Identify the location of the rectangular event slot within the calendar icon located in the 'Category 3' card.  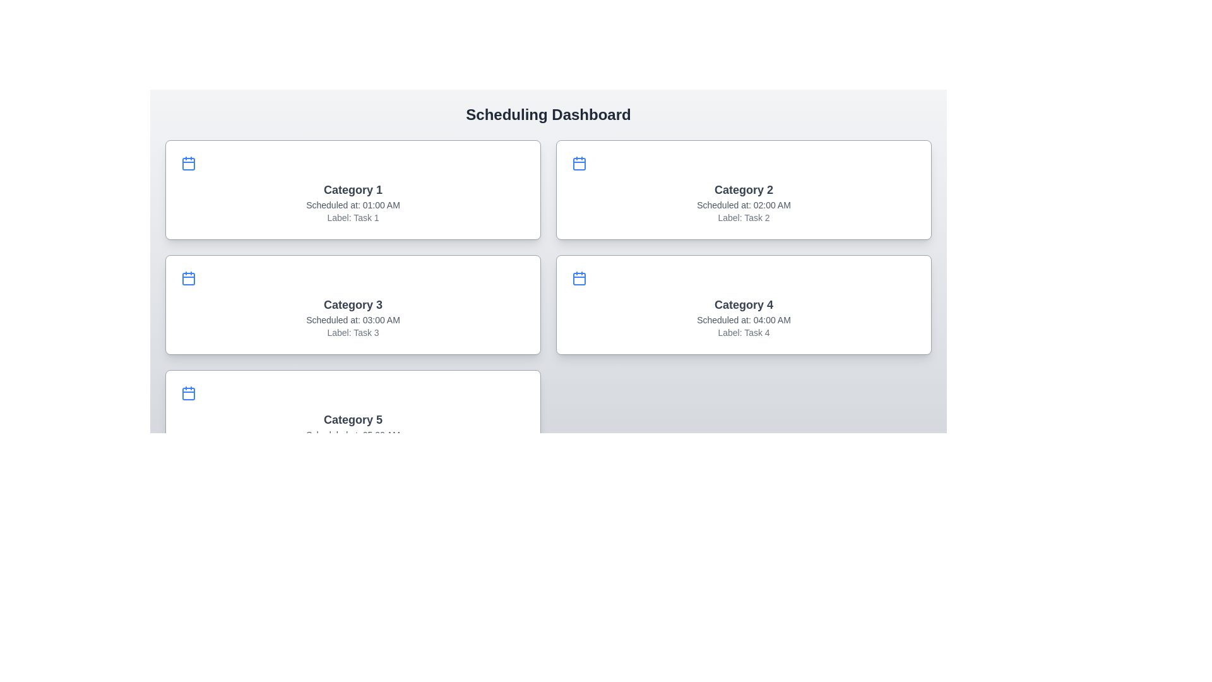
(187, 278).